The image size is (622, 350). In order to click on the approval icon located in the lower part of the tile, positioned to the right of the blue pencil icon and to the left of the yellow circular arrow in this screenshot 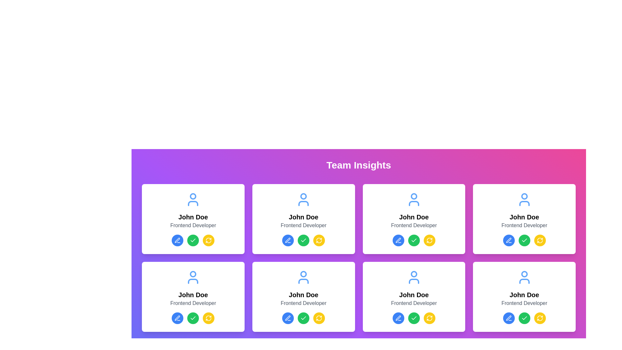, I will do `click(413, 318)`.